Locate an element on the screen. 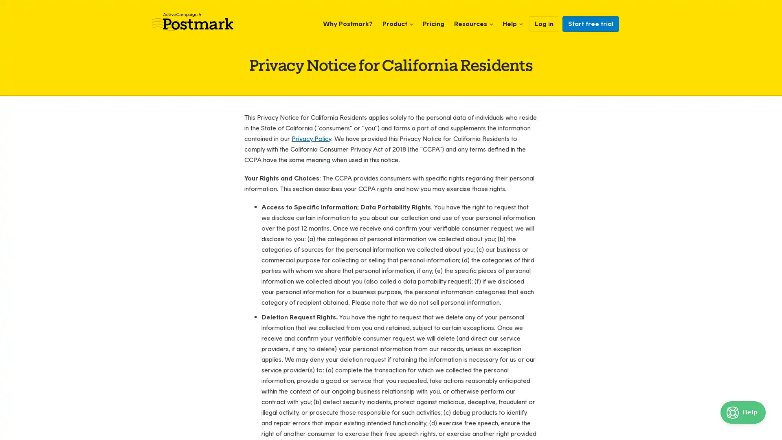 The height and width of the screenshot is (440, 782). Help is located at coordinates (743, 412).